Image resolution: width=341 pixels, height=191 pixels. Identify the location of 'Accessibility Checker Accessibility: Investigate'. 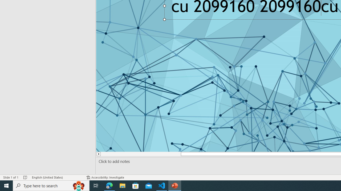
(106, 177).